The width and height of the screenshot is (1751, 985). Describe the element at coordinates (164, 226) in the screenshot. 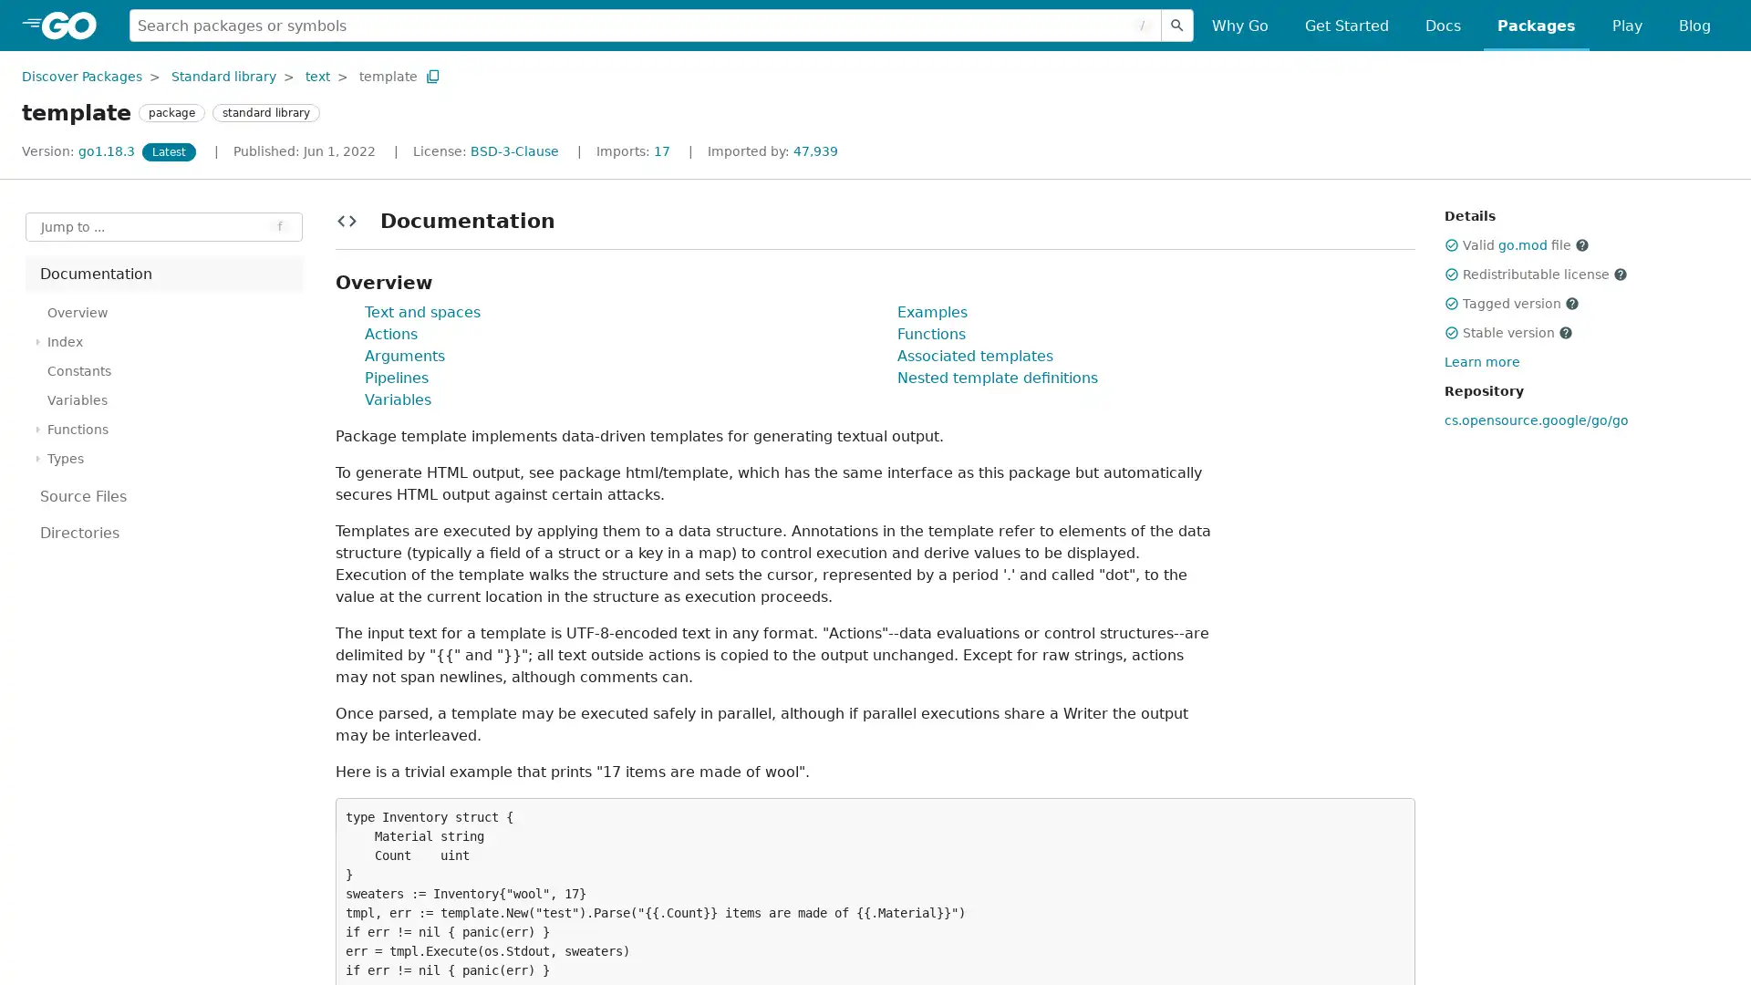

I see `Open Jump to Identifier` at that location.